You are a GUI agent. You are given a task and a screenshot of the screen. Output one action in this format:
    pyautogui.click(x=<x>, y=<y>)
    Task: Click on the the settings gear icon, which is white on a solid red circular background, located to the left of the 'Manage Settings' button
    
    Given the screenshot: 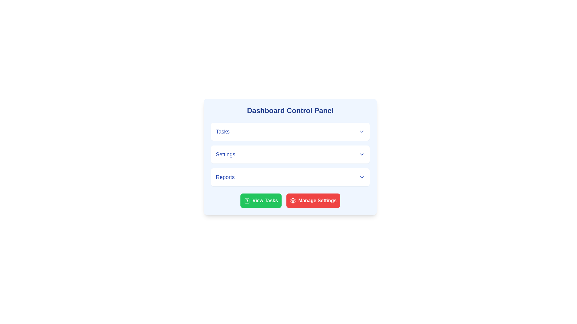 What is the action you would take?
    pyautogui.click(x=293, y=200)
    